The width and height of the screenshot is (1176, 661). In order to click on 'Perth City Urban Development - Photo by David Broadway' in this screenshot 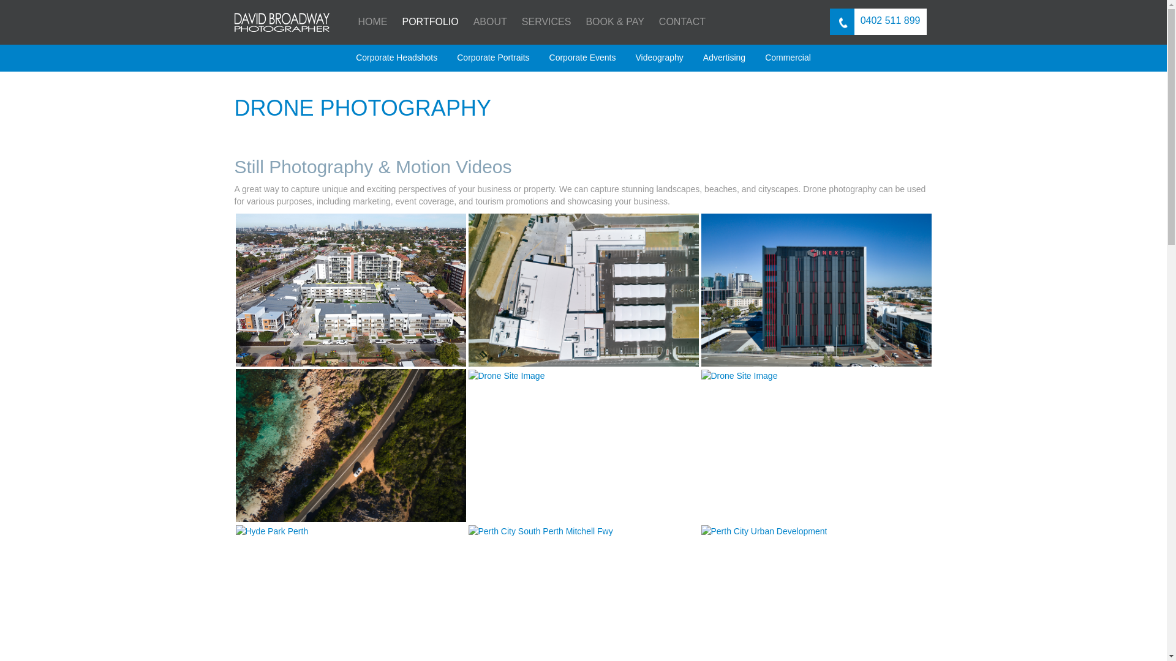, I will do `click(763, 530)`.